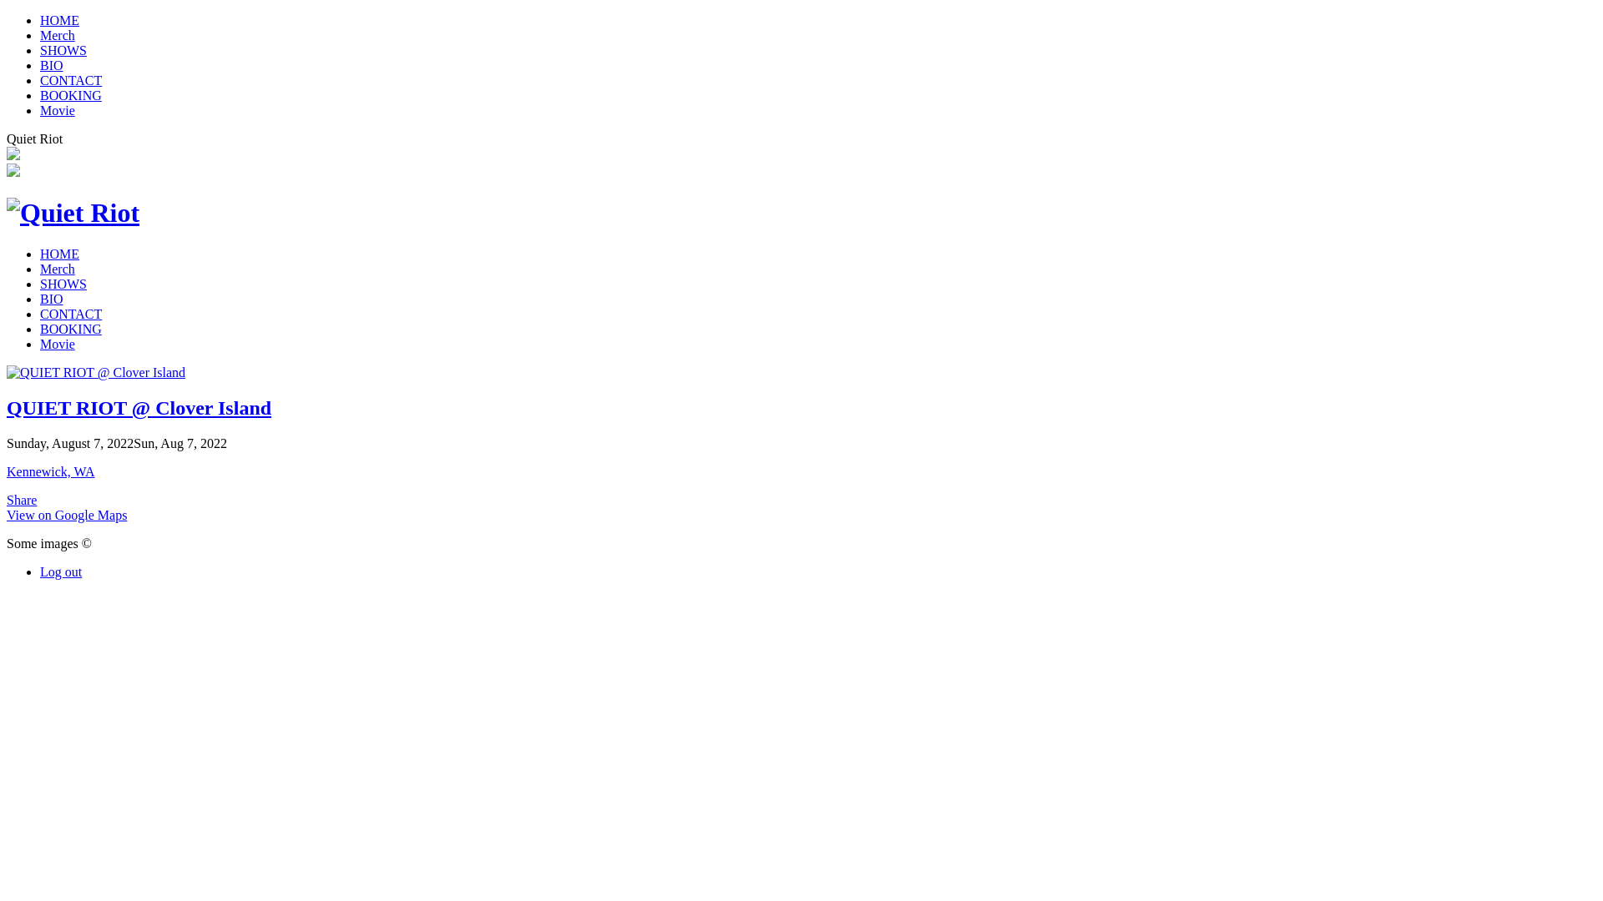  I want to click on 'BOOKING', so click(70, 95).